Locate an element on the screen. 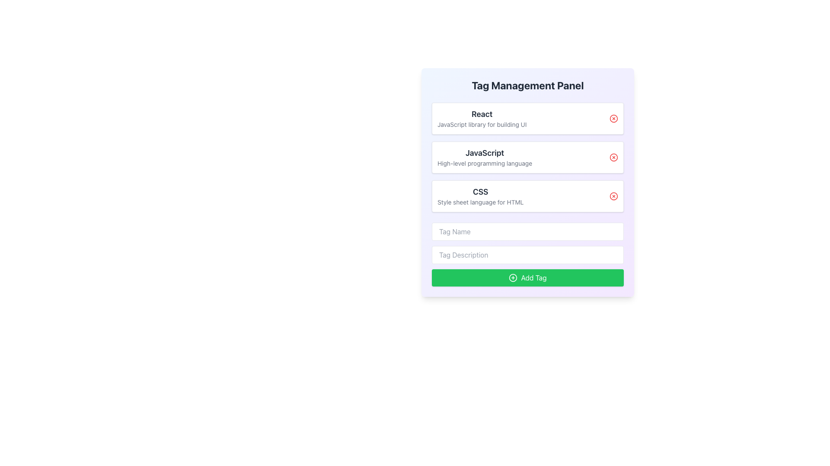 The width and height of the screenshot is (830, 466). the circular icon with a plus symbol inside it, located within the 'Add Tag' button at the bottom of the interface is located at coordinates (513, 278).